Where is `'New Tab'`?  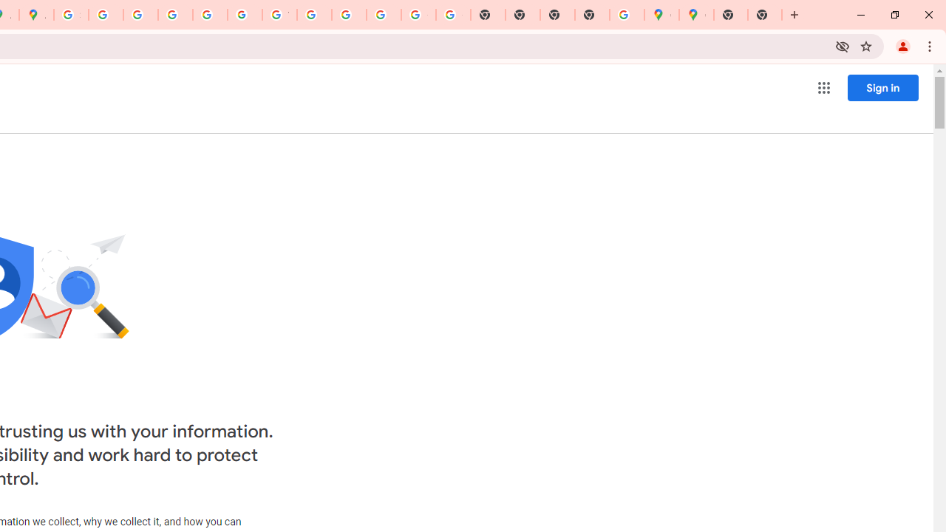 'New Tab' is located at coordinates (731, 15).